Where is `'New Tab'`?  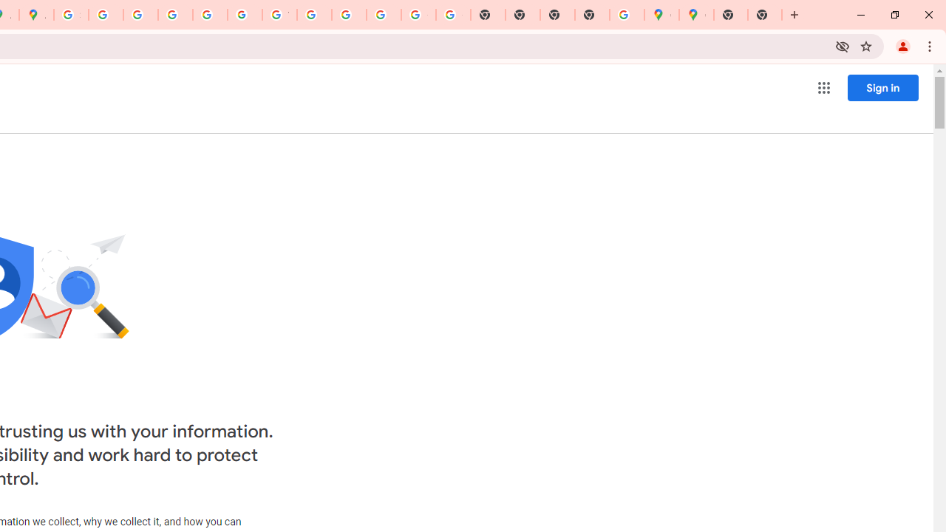 'New Tab' is located at coordinates (731, 15).